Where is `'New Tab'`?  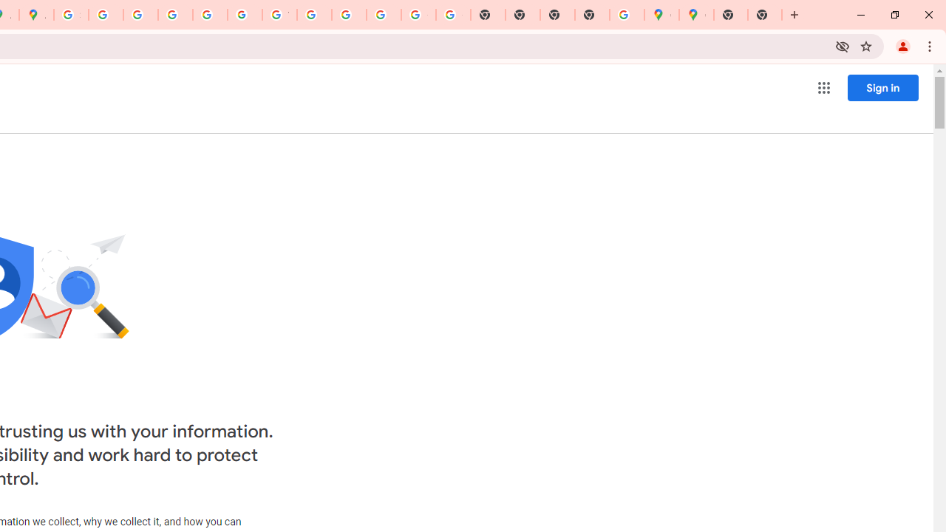 'New Tab' is located at coordinates (731, 15).